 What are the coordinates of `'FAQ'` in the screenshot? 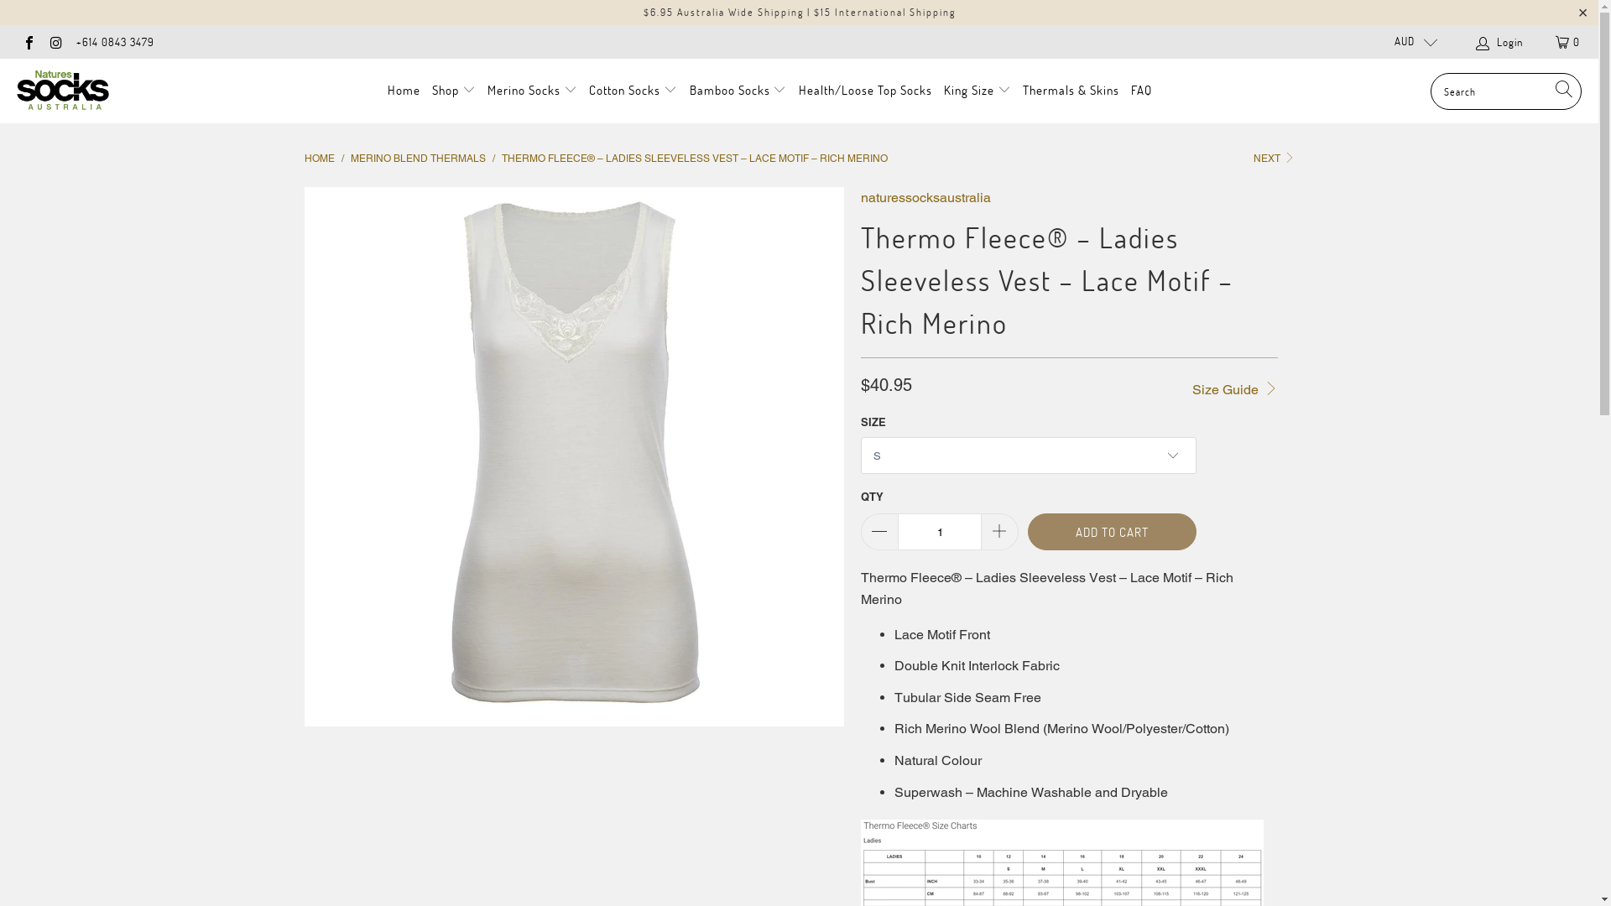 It's located at (1141, 91).